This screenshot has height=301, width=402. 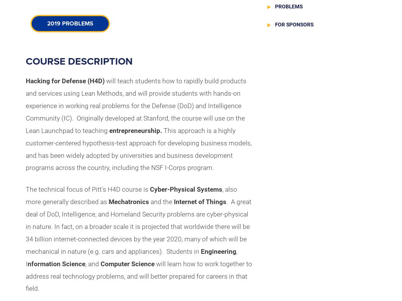 I want to click on ', and', so click(x=93, y=263).